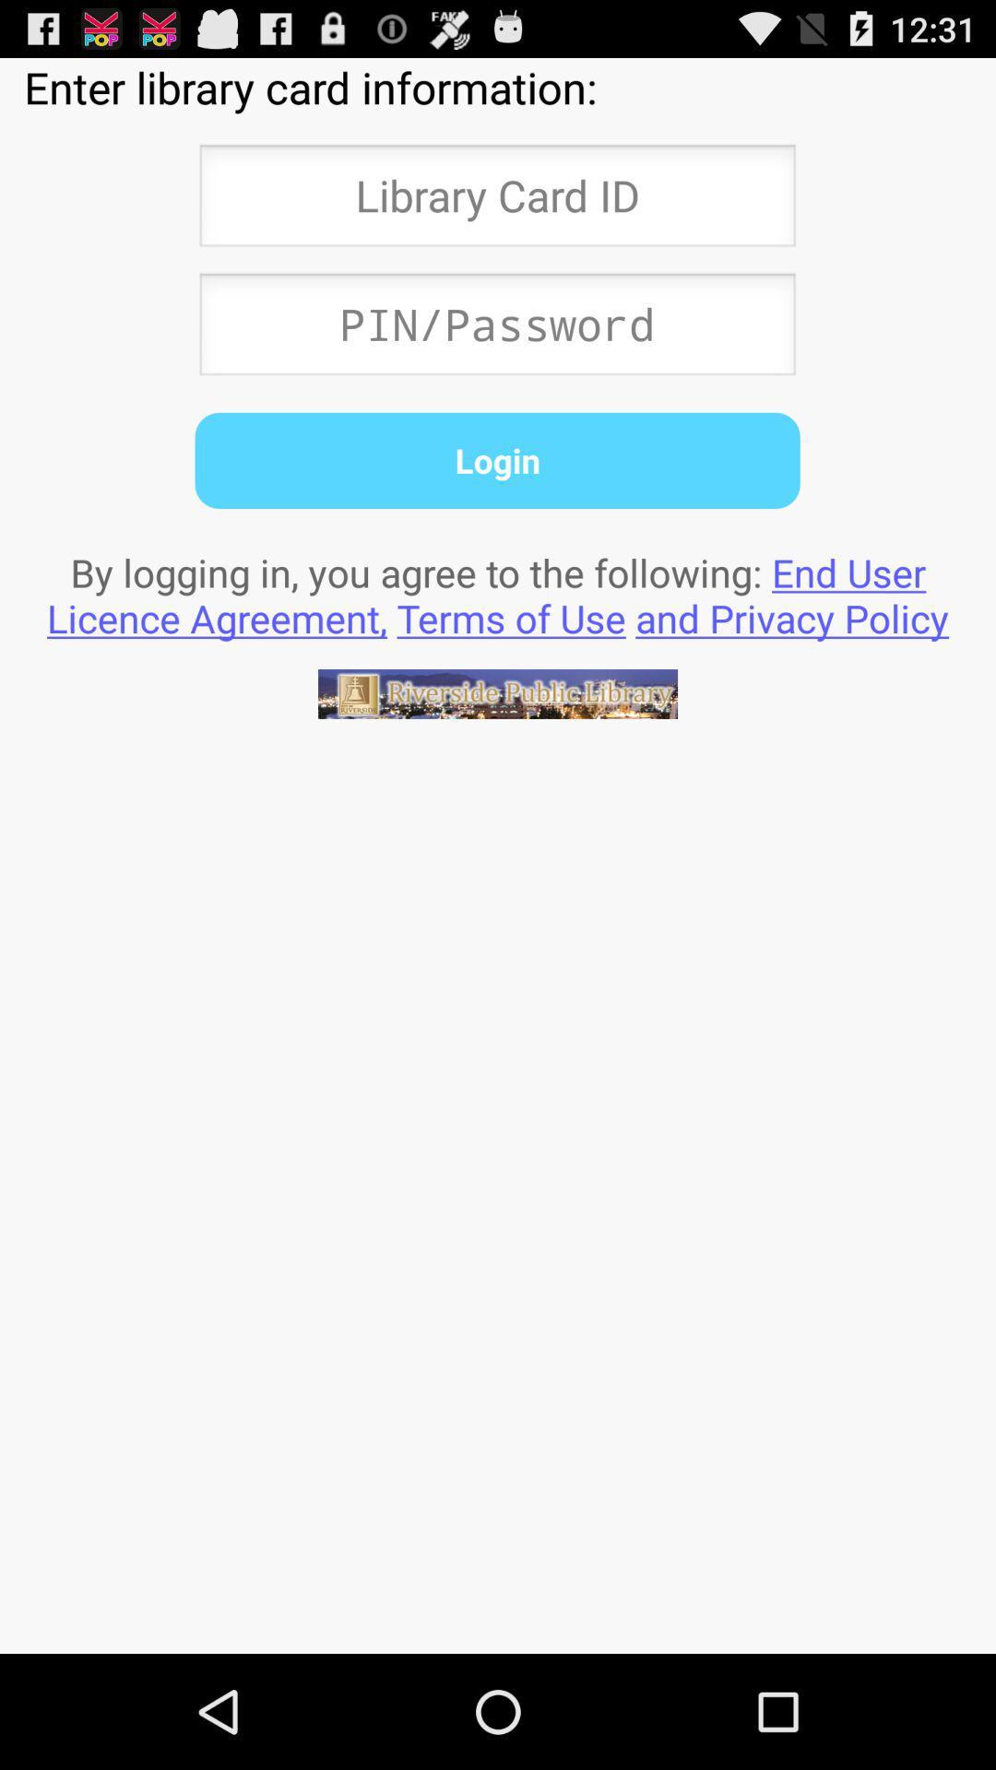  I want to click on item above by logging in item, so click(496, 460).